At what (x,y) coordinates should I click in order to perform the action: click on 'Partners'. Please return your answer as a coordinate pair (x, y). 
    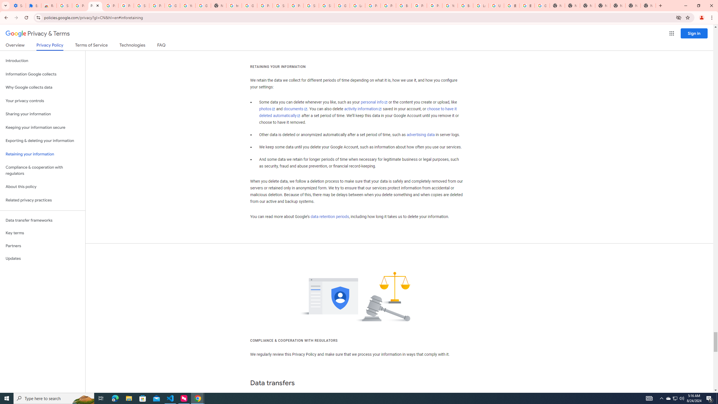
    Looking at the image, I should click on (42, 246).